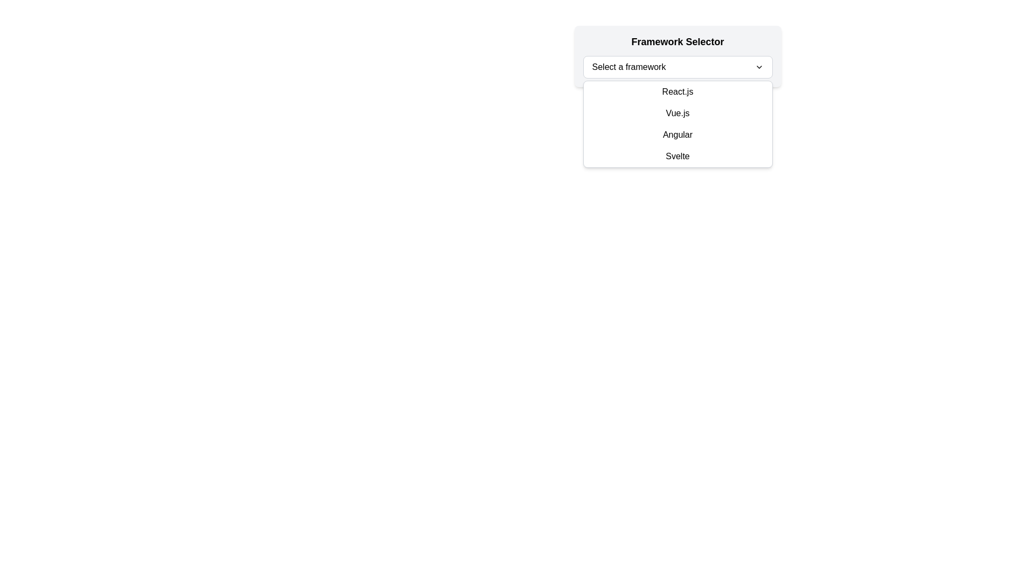 The height and width of the screenshot is (581, 1034). Describe the element at coordinates (677, 91) in the screenshot. I see `the first item in the dropdown menu` at that location.